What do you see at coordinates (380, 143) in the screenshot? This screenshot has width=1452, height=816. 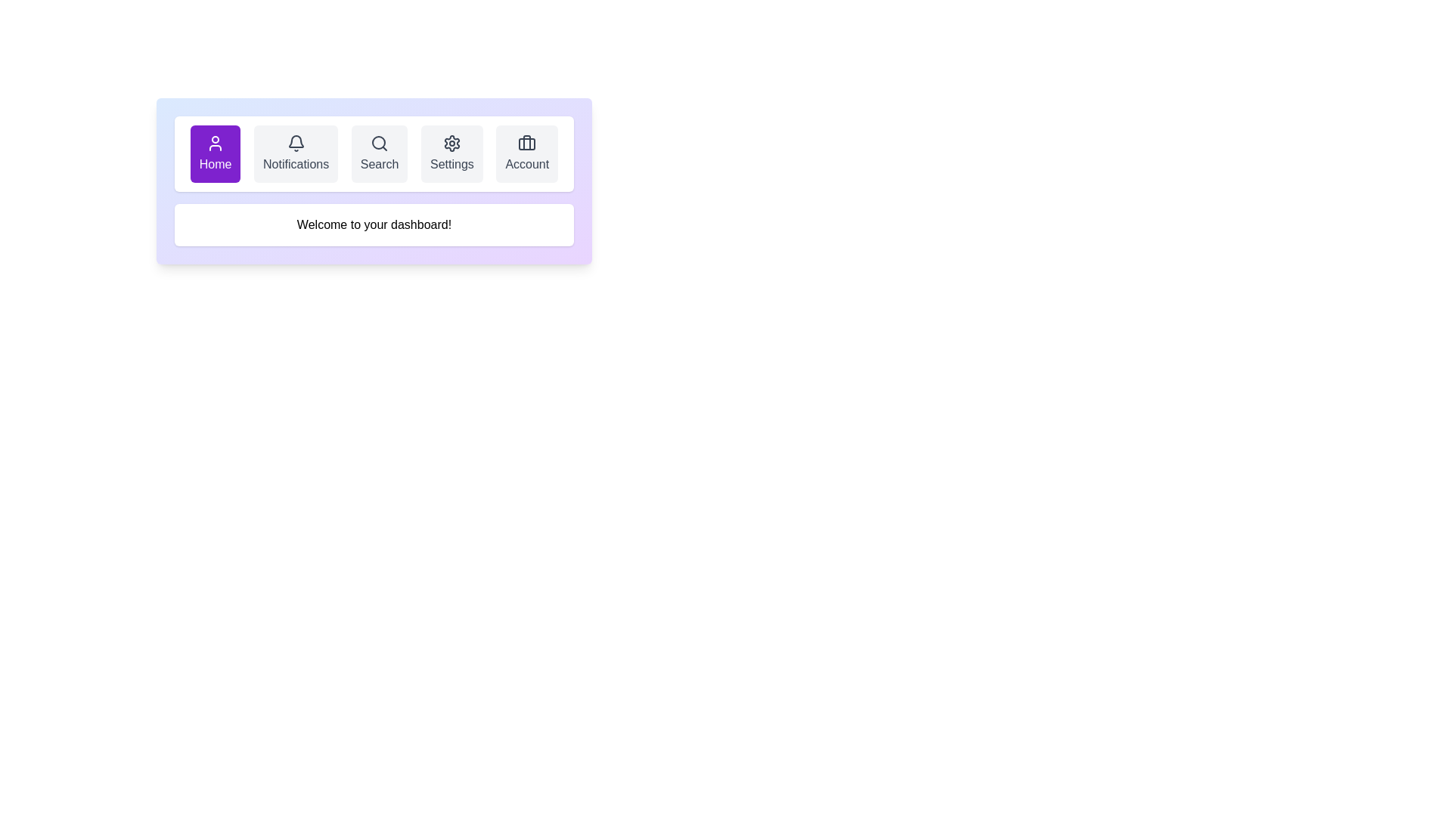 I see `the search icon located within the 'Search' button, which is the third button from the left in the horizontal navigation bar` at bounding box center [380, 143].